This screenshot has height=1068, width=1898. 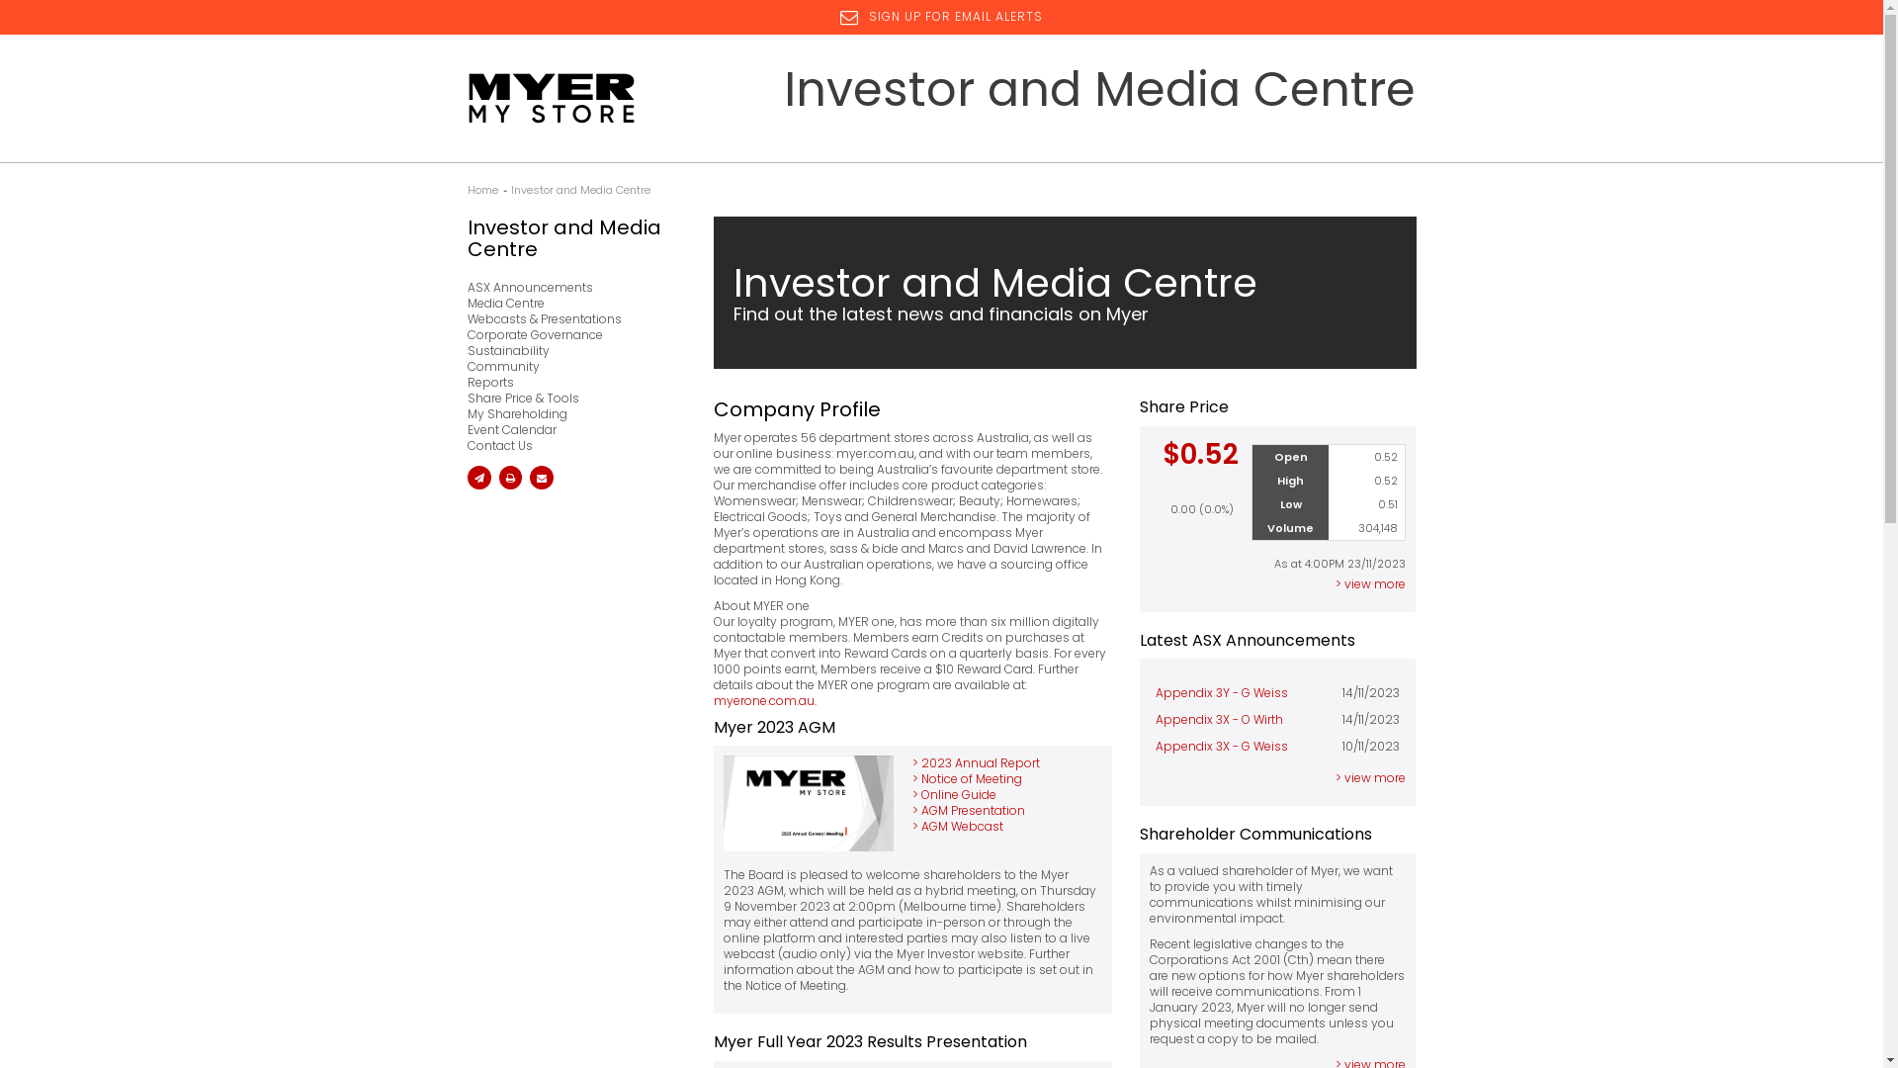 What do you see at coordinates (481, 190) in the screenshot?
I see `'Home'` at bounding box center [481, 190].